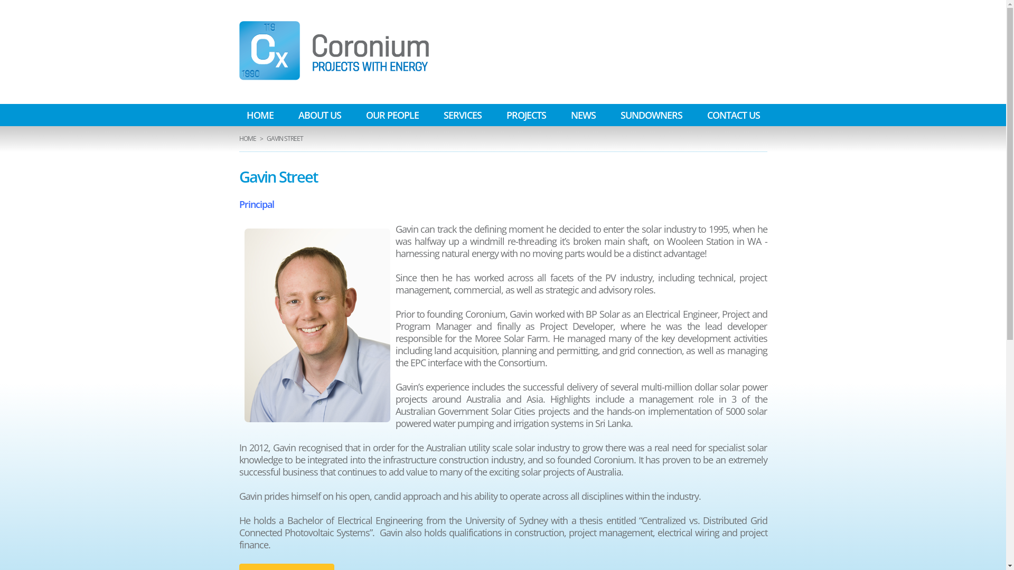 The height and width of the screenshot is (570, 1014). I want to click on 'Gavin Street BW', so click(316, 325).